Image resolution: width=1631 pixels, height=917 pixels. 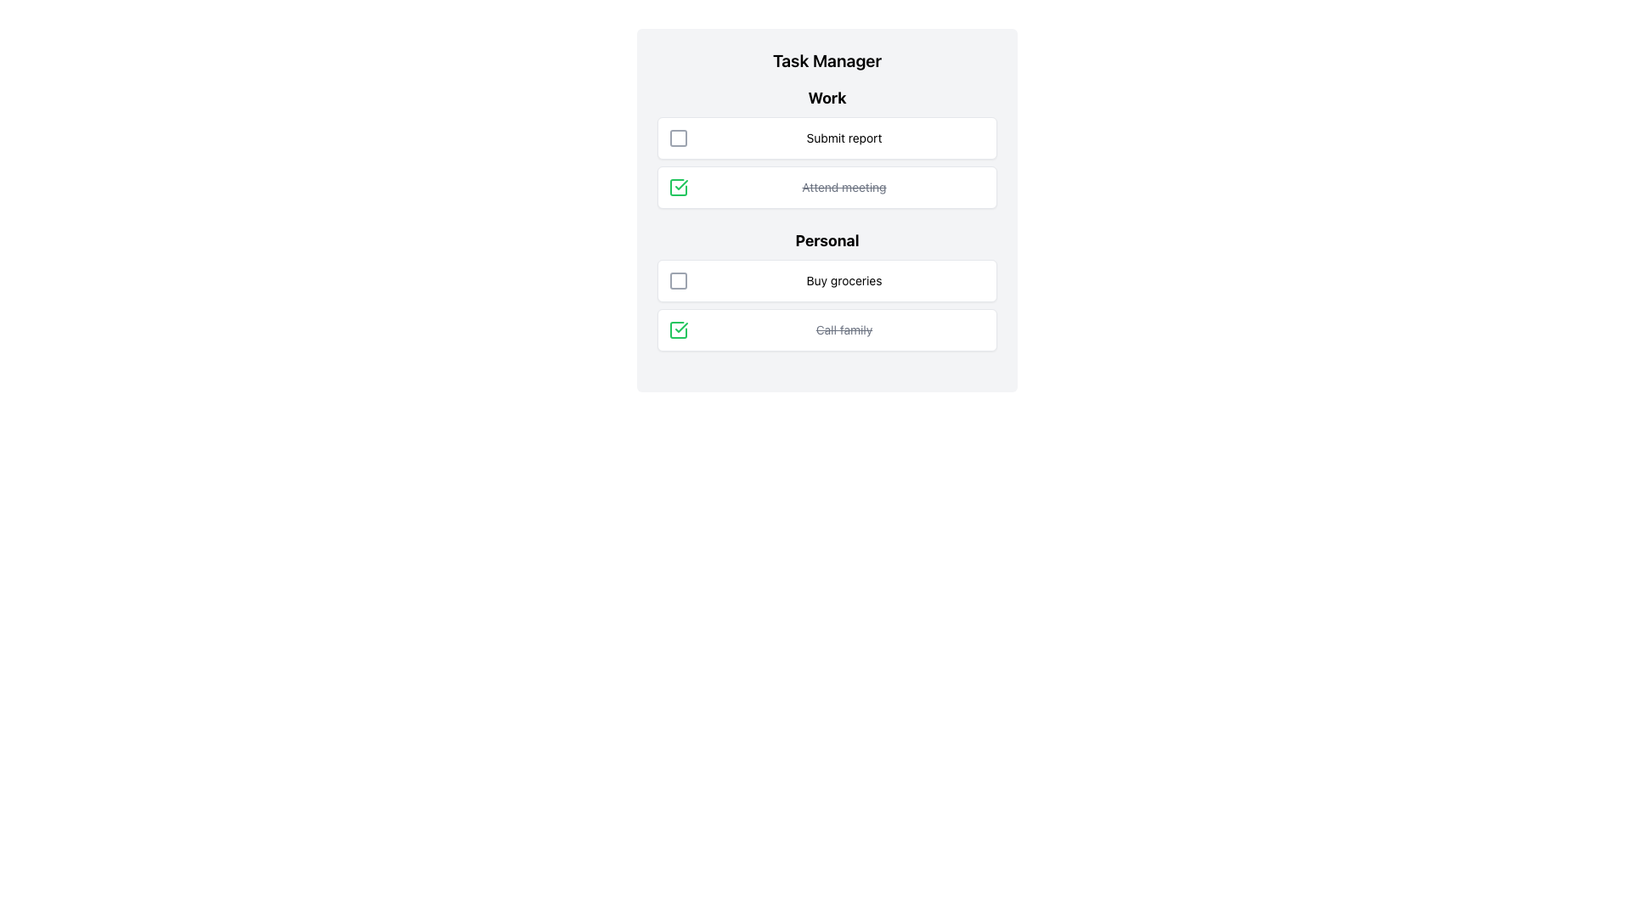 I want to click on the checkbox located to the left of the 'Buy groceries' label, so click(x=677, y=280).